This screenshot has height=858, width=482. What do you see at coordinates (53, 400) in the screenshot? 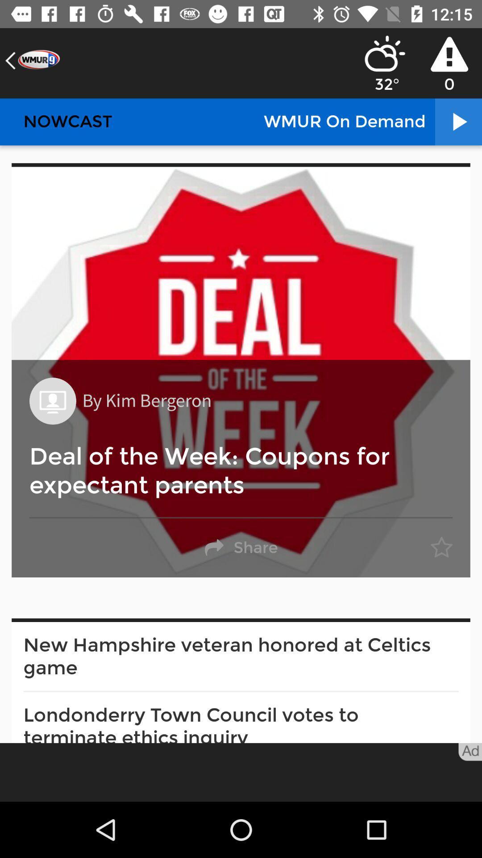
I see `icon next to by kim bergeron` at bounding box center [53, 400].